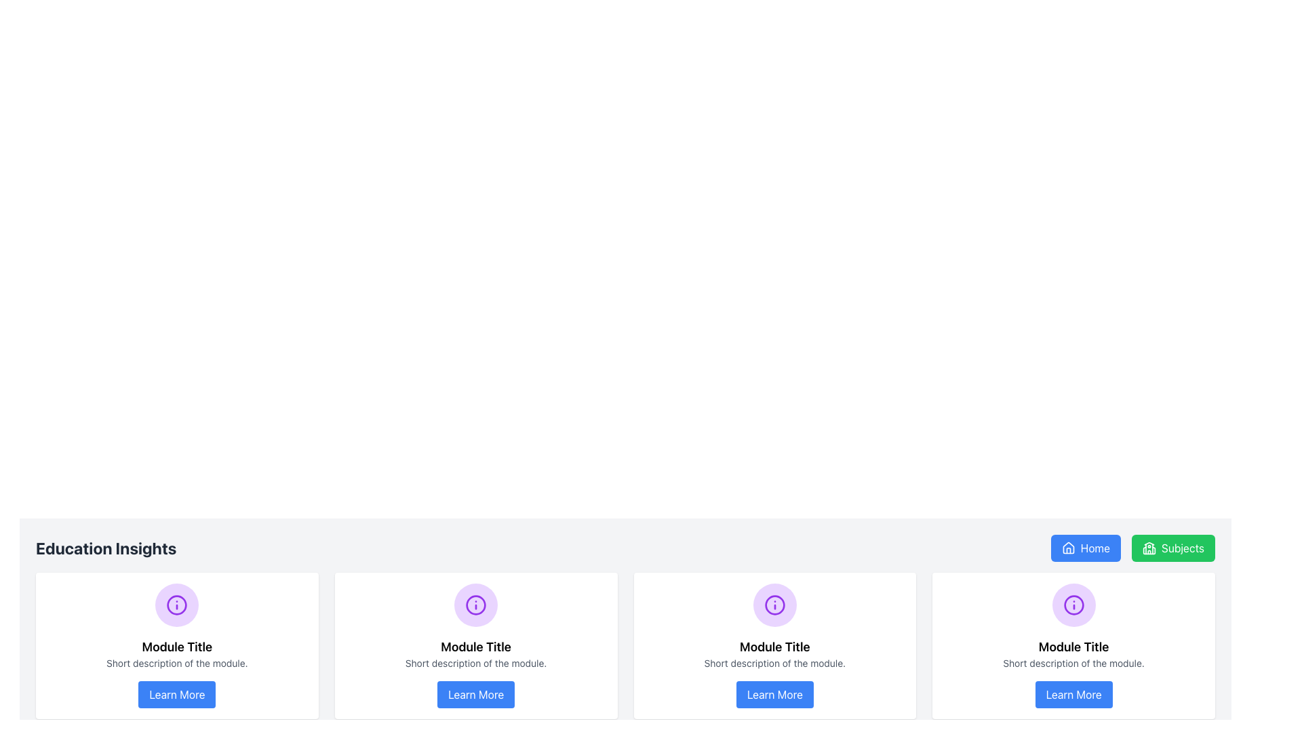 Image resolution: width=1302 pixels, height=732 pixels. What do you see at coordinates (1073, 647) in the screenshot?
I see `bolded text label saying 'Module Title' located in the fourth card from the left, which is centrally aligned under an icon and above a short description` at bounding box center [1073, 647].